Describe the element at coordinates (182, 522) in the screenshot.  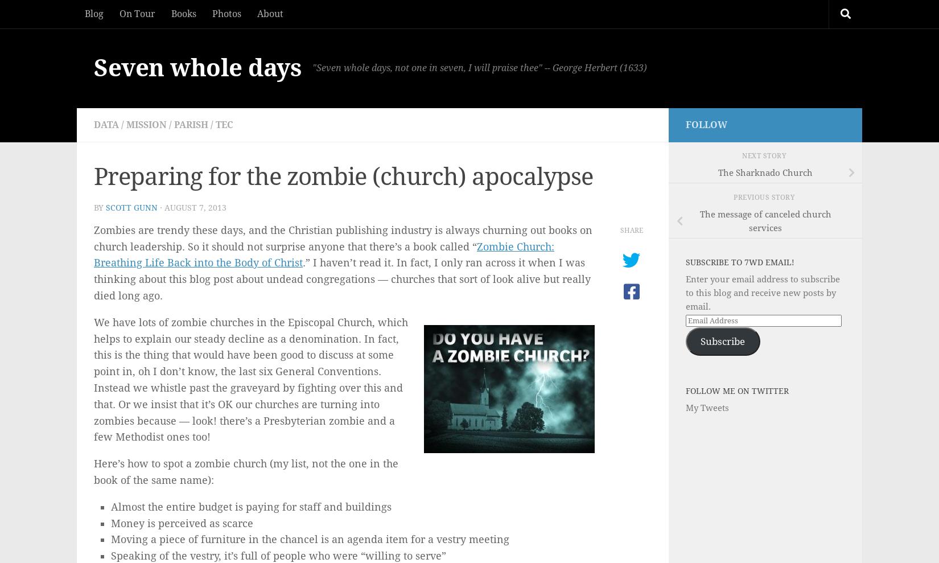
I see `'Money is perceived as scarce'` at that location.